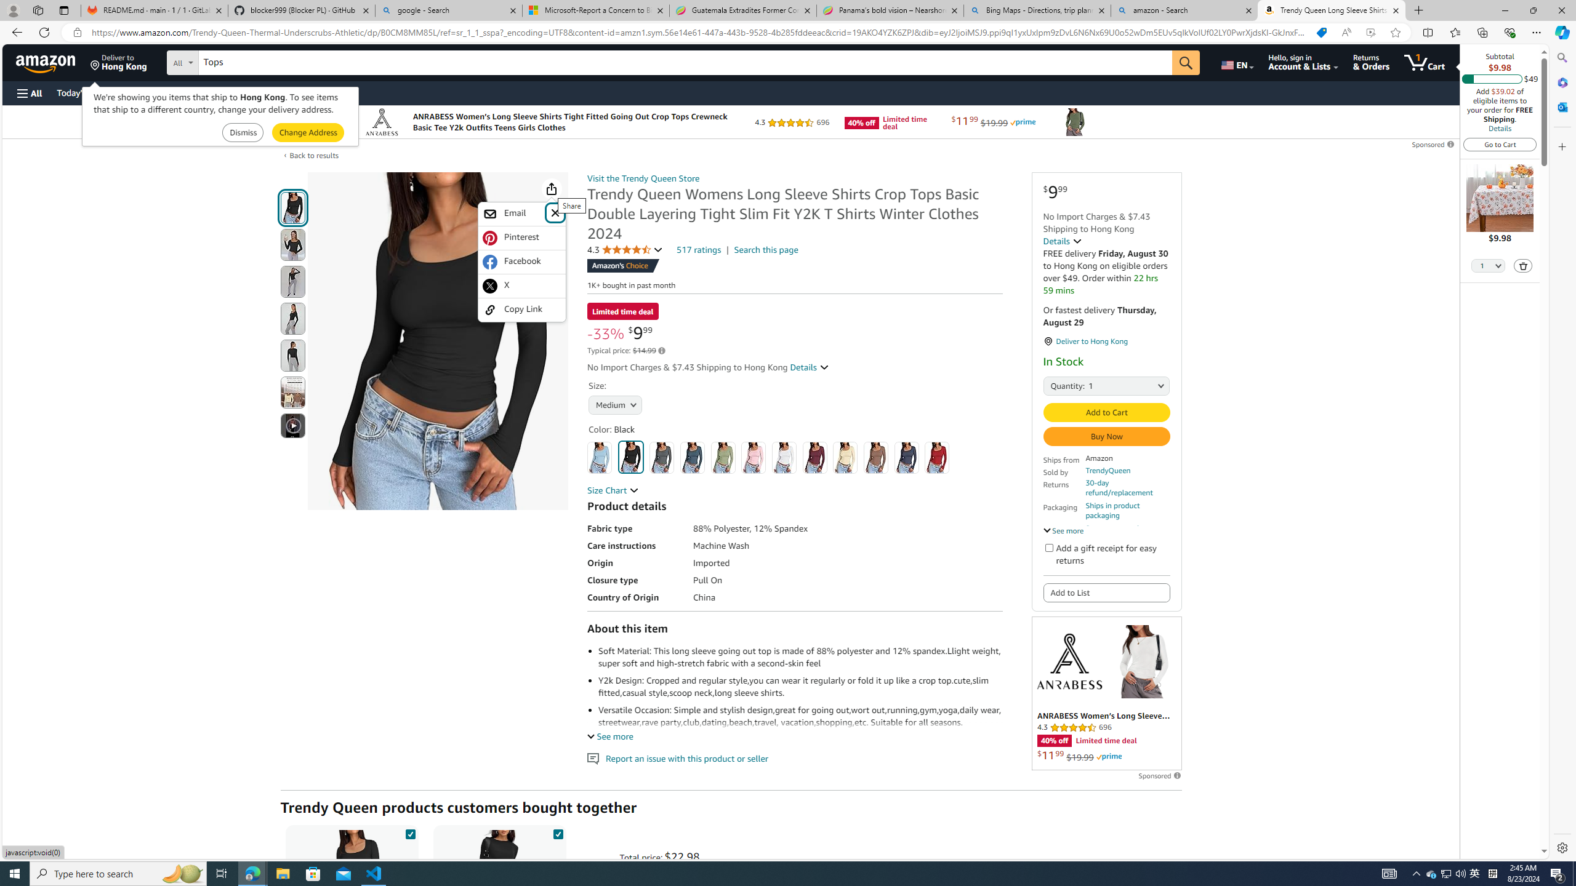 Image resolution: width=1576 pixels, height=886 pixels. What do you see at coordinates (1370, 33) in the screenshot?
I see `'Enhance video'` at bounding box center [1370, 33].